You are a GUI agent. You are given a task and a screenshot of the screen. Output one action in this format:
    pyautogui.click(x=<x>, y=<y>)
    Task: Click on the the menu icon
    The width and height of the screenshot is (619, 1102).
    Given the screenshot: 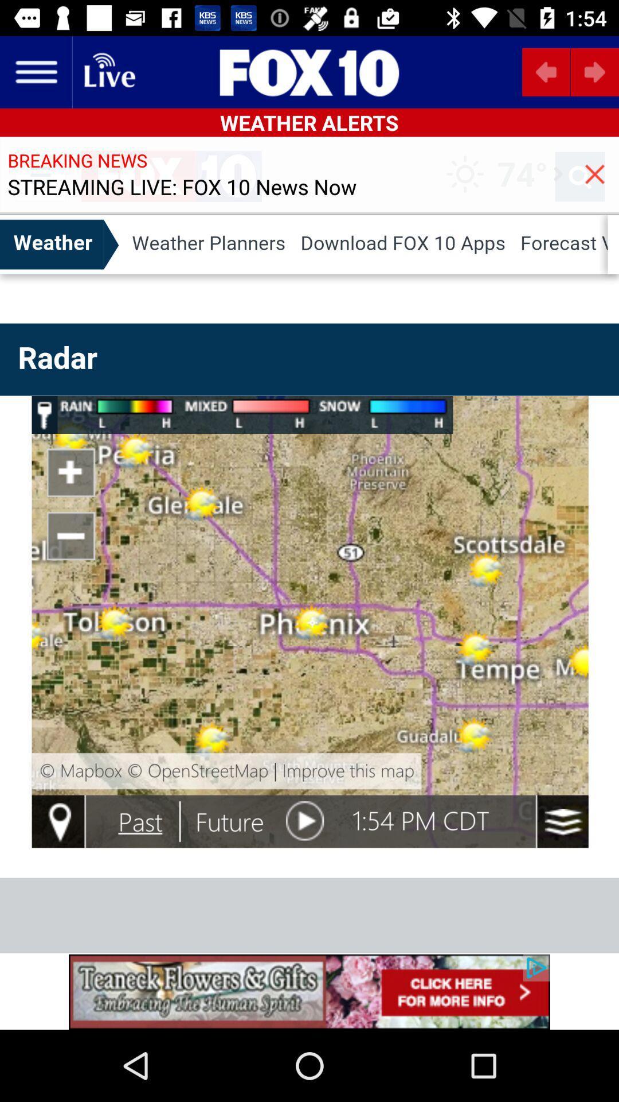 What is the action you would take?
    pyautogui.click(x=35, y=71)
    